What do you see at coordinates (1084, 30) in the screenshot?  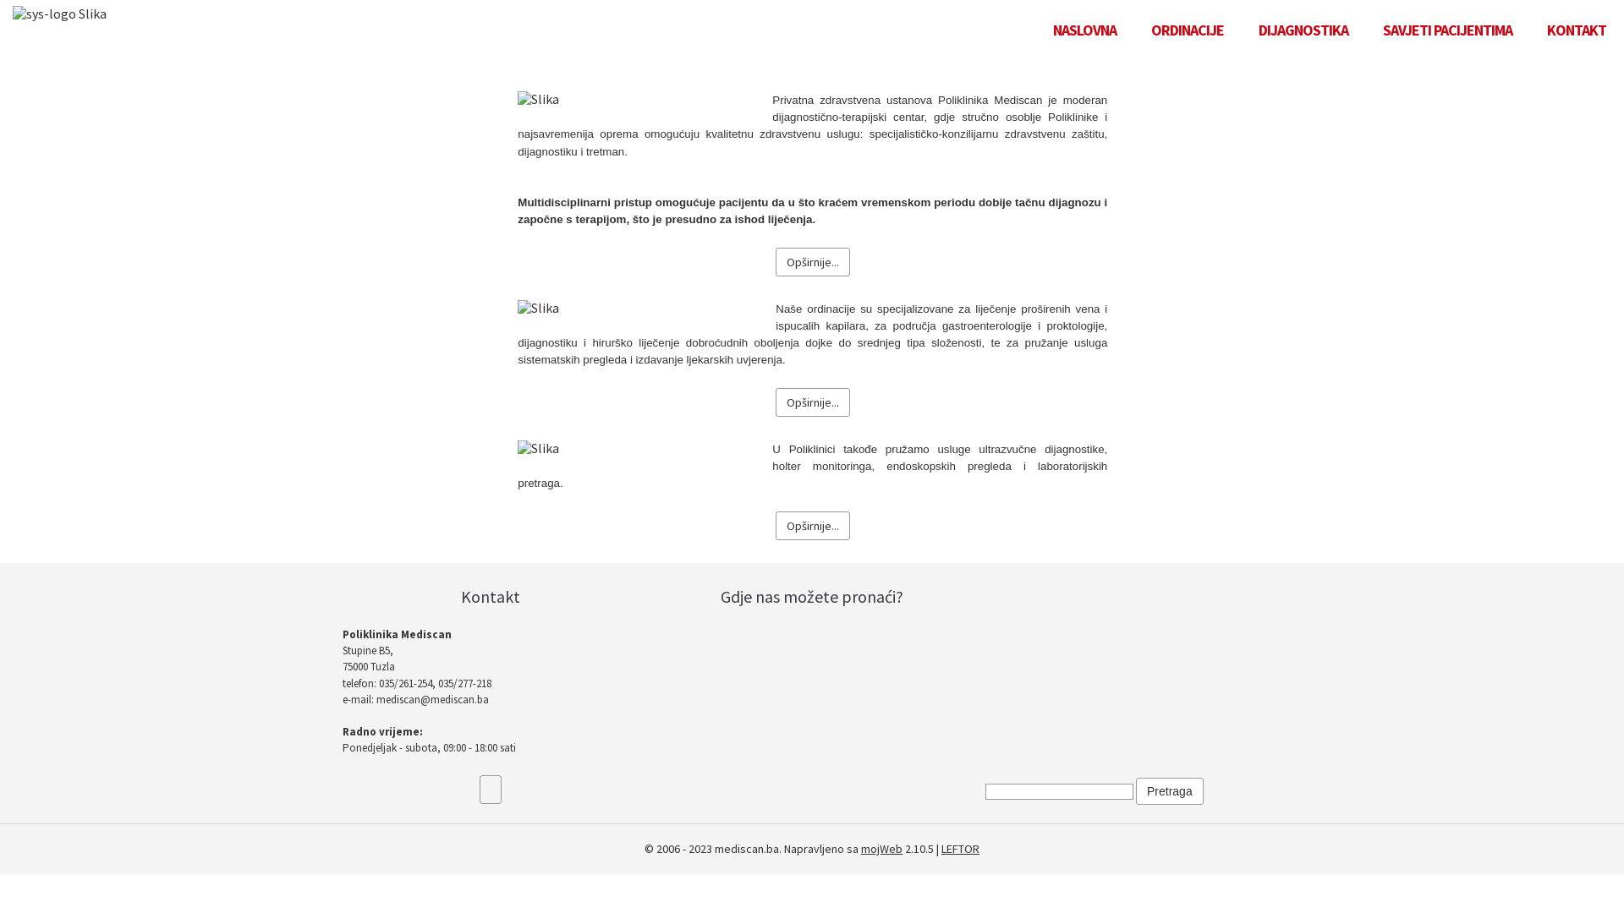 I see `'NASLOVNA'` at bounding box center [1084, 30].